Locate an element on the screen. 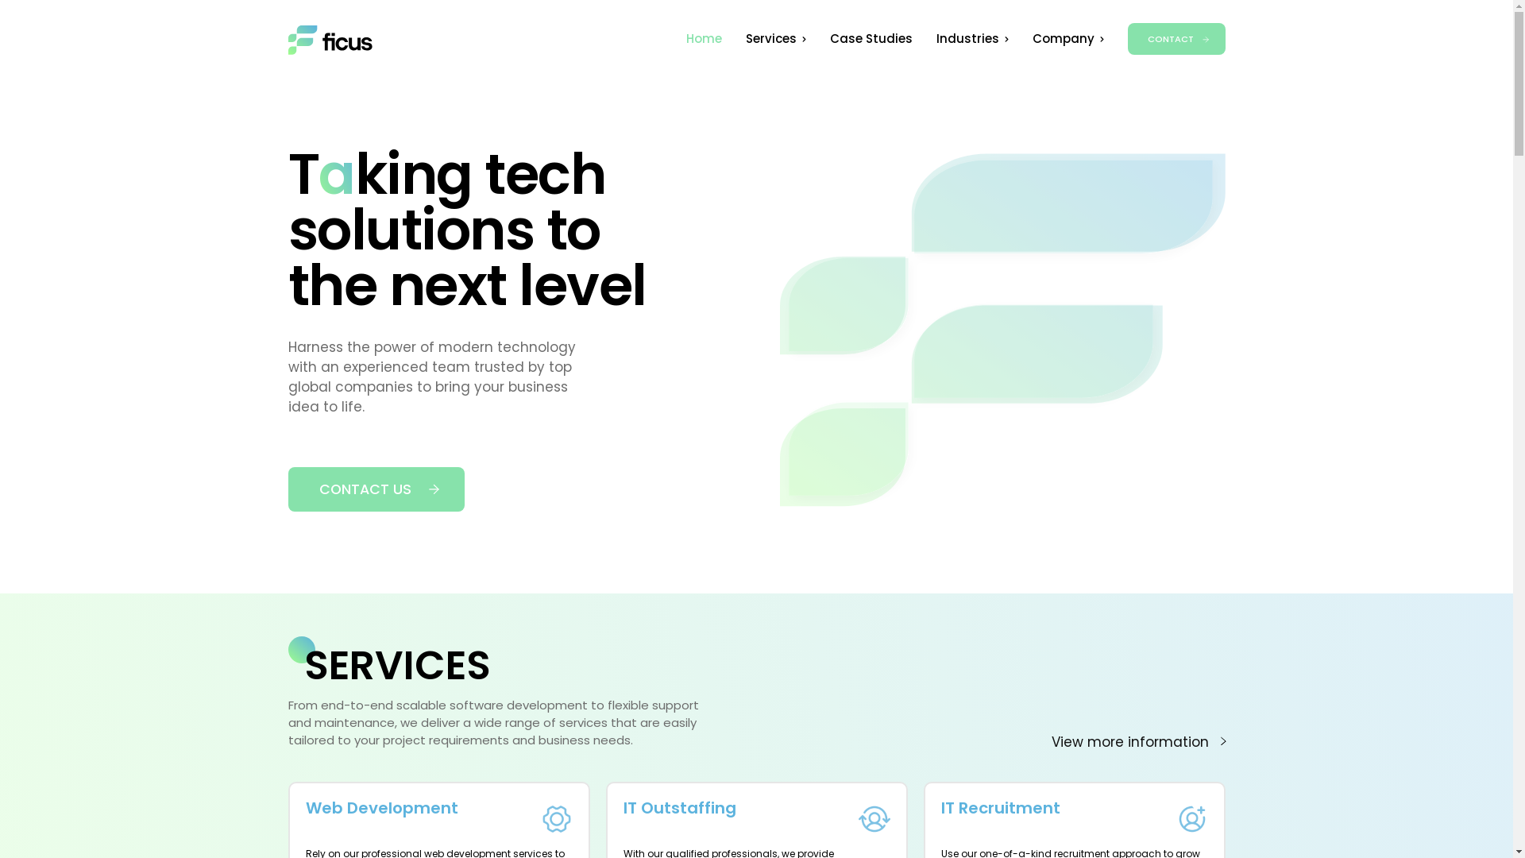 The height and width of the screenshot is (858, 1525). 'Home' is located at coordinates (703, 37).